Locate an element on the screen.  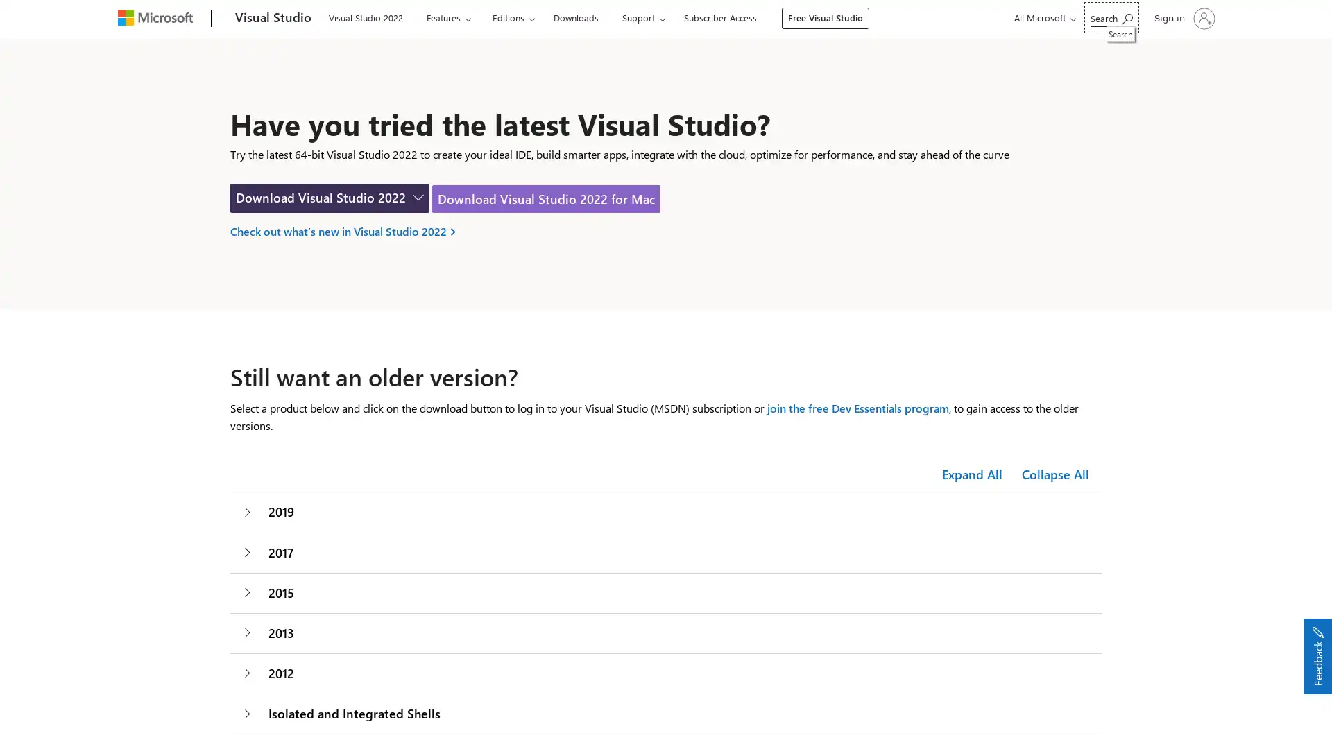
Collapse All is located at coordinates (1054, 473).